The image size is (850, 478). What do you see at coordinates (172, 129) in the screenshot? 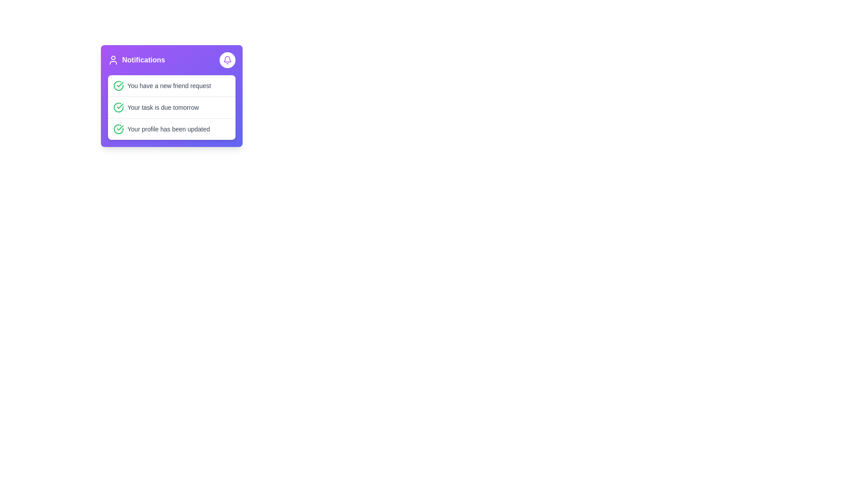
I see `the third notification item with a white background containing a green checkmark icon and the text 'Your profile has been updated' for more details` at bounding box center [172, 129].